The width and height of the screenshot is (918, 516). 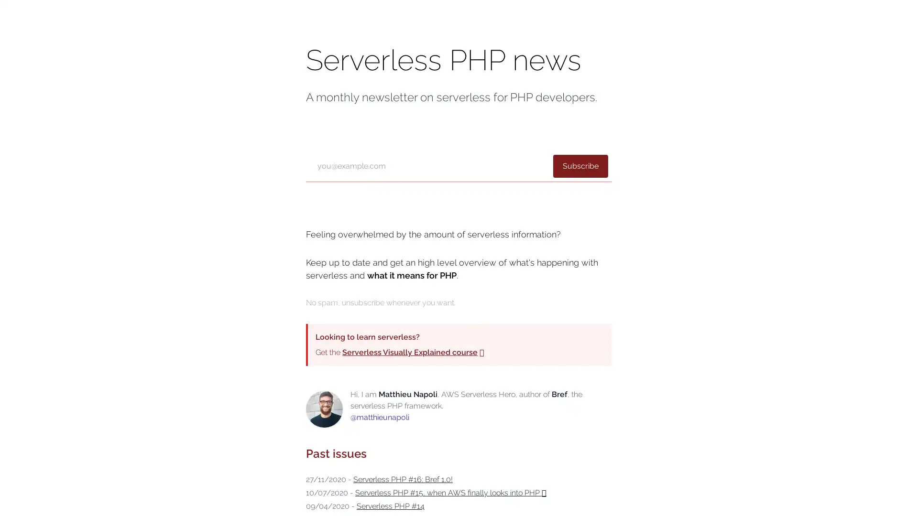 What do you see at coordinates (580, 165) in the screenshot?
I see `Subscribe` at bounding box center [580, 165].